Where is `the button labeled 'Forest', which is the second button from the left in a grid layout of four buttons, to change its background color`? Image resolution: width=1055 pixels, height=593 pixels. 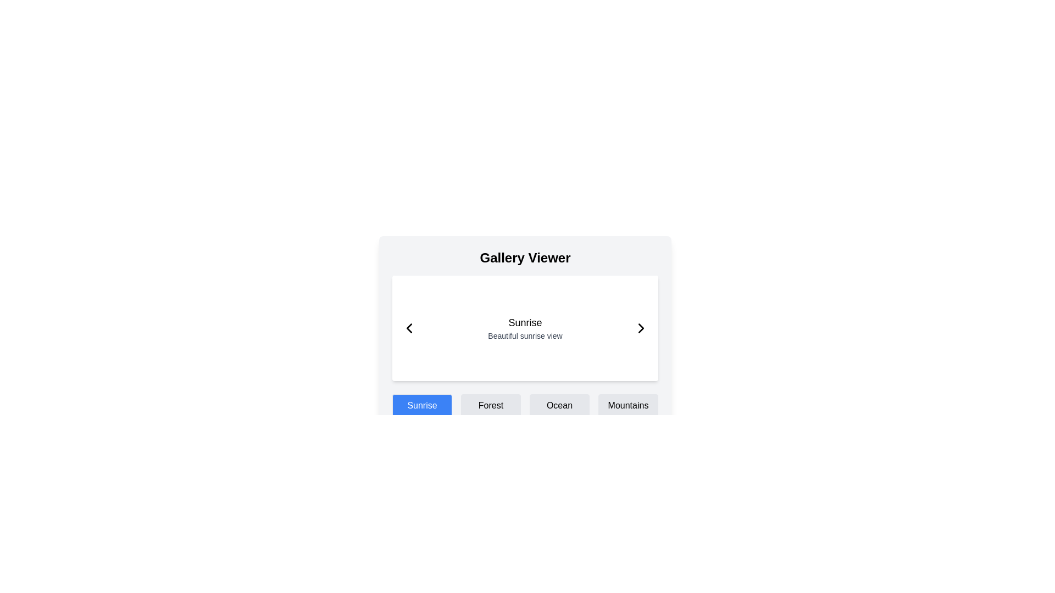
the button labeled 'Forest', which is the second button from the left in a grid layout of four buttons, to change its background color is located at coordinates (490, 406).